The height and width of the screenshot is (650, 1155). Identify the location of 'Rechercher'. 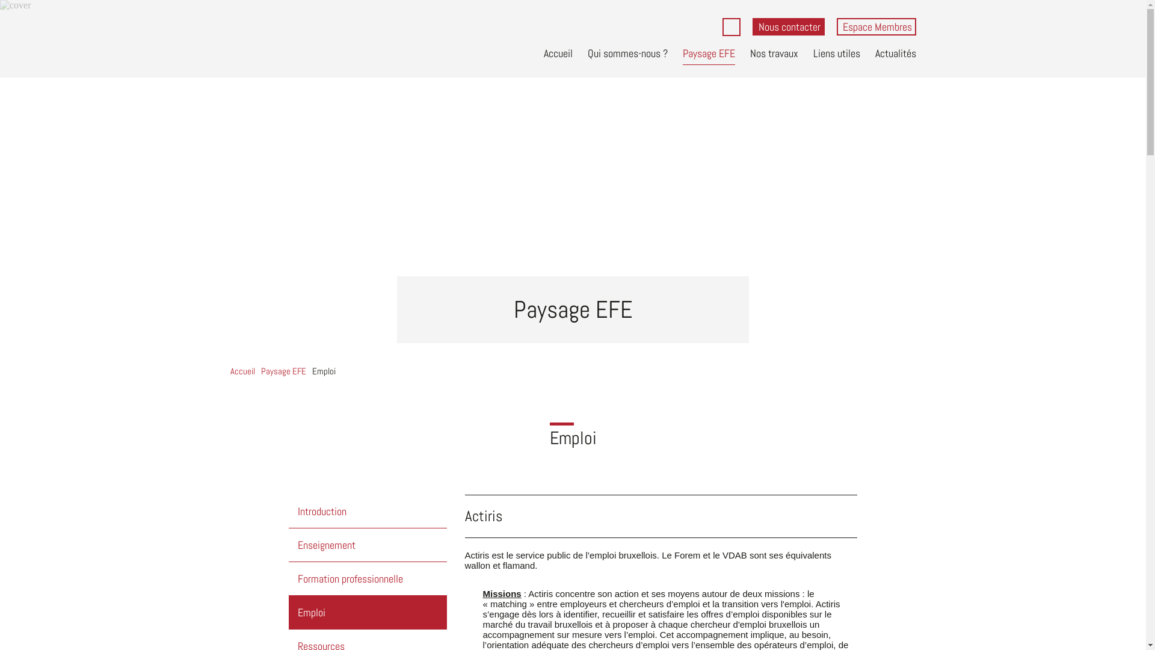
(768, 34).